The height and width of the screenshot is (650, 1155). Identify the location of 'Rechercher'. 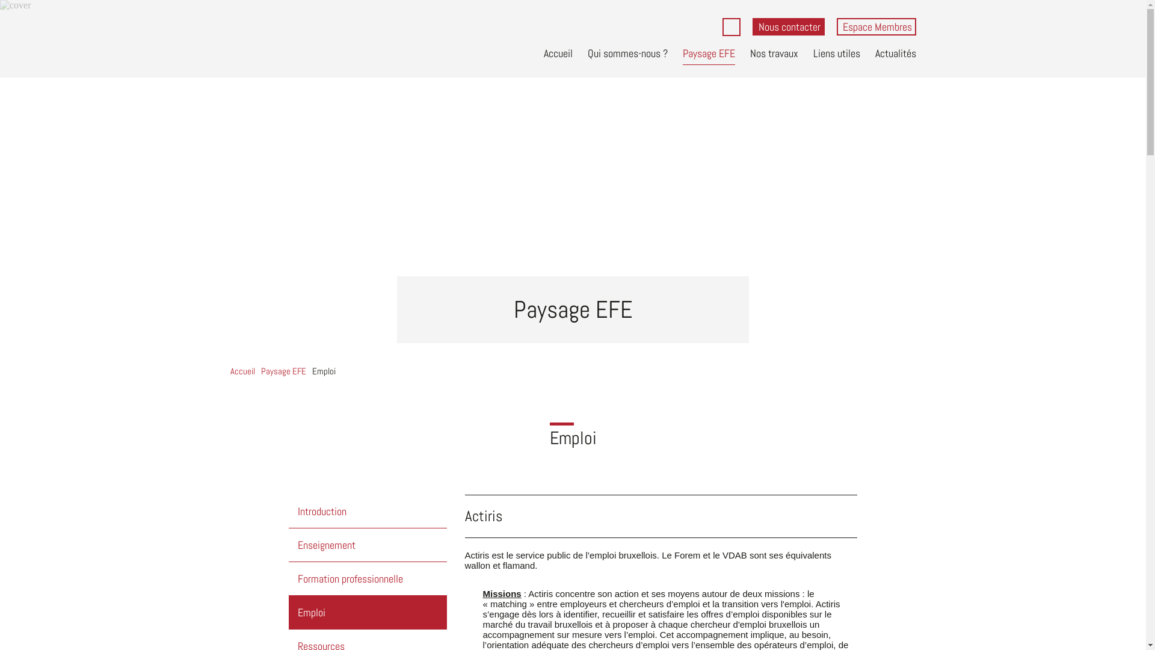
(768, 34).